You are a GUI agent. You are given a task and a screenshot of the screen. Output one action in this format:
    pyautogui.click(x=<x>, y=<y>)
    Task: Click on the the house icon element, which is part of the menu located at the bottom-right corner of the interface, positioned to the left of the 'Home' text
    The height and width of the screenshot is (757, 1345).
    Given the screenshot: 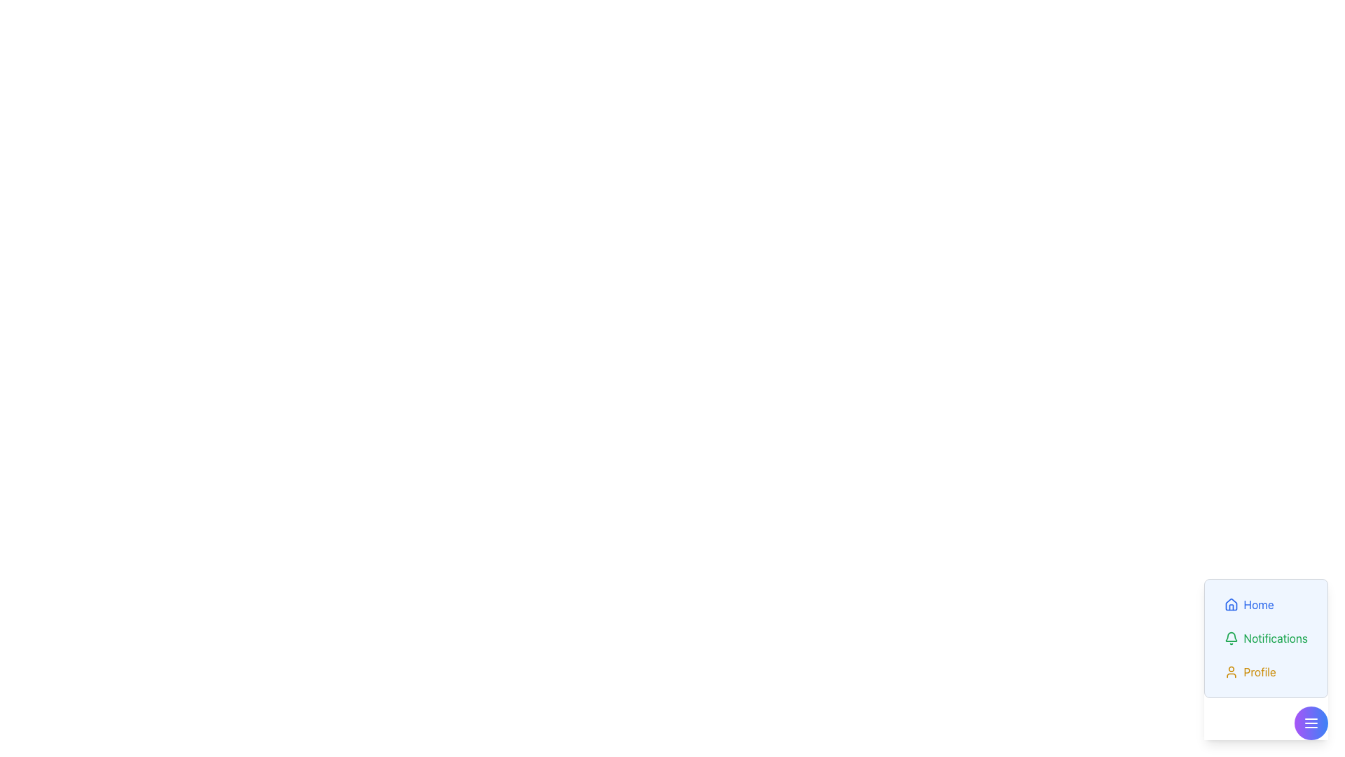 What is the action you would take?
    pyautogui.click(x=1230, y=603)
    